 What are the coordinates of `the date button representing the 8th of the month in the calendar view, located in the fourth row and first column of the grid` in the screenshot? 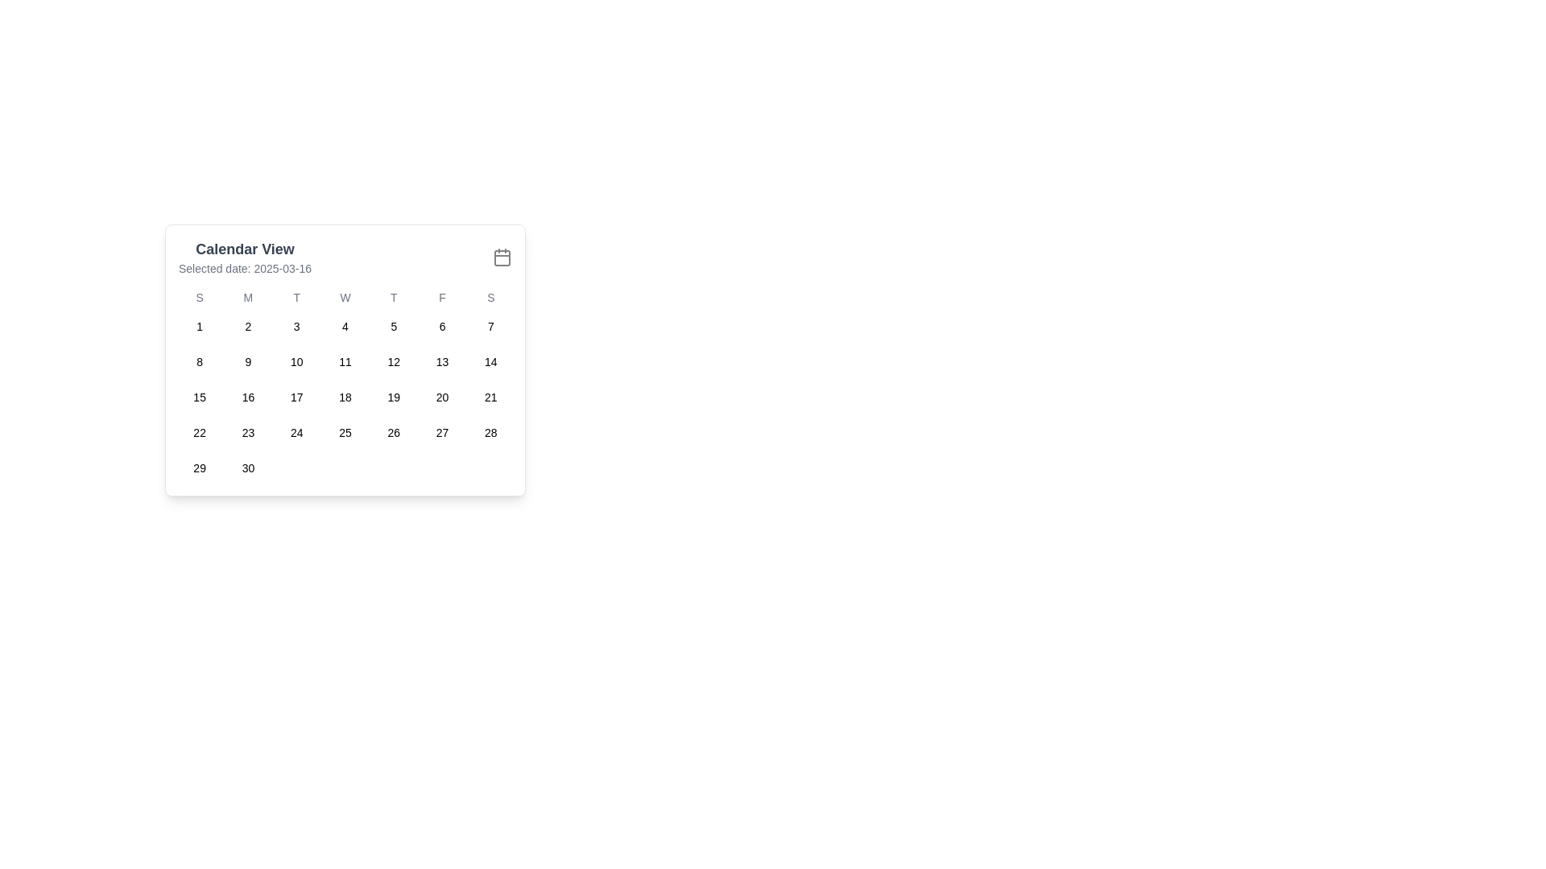 It's located at (199, 362).